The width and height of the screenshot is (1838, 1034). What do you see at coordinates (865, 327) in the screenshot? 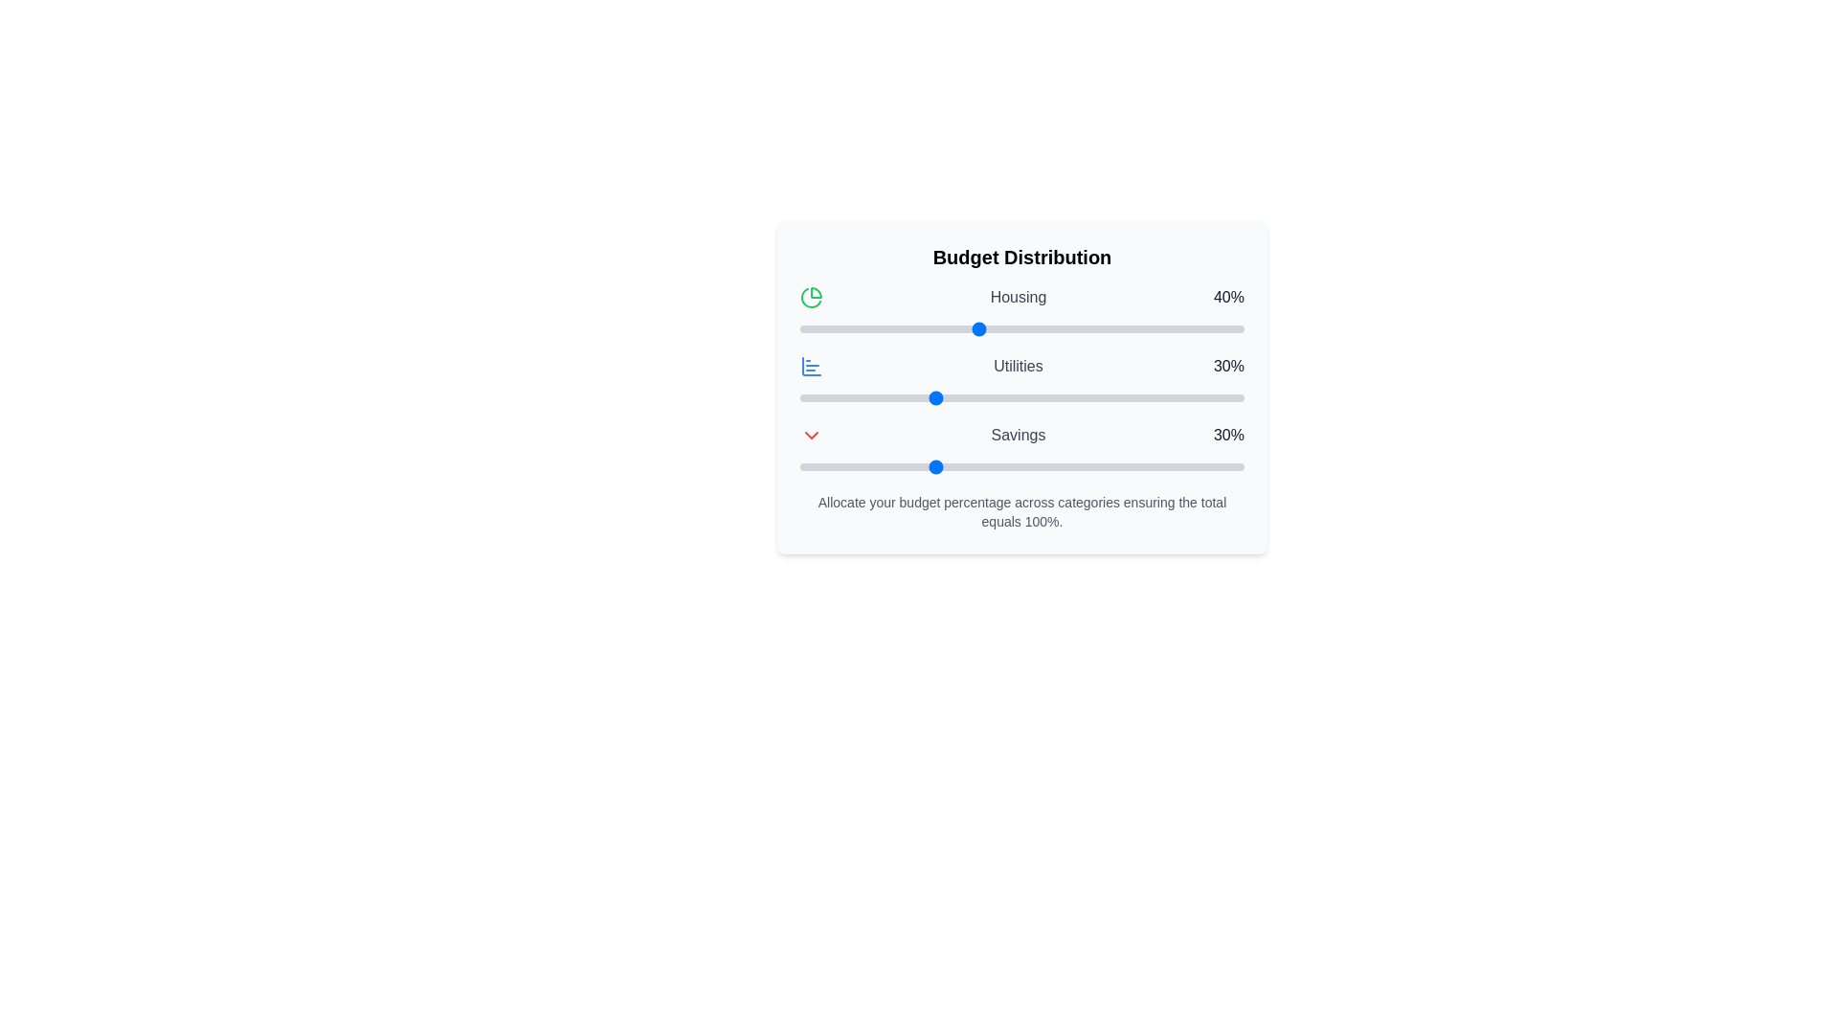
I see `the Housing percentage slider` at bounding box center [865, 327].